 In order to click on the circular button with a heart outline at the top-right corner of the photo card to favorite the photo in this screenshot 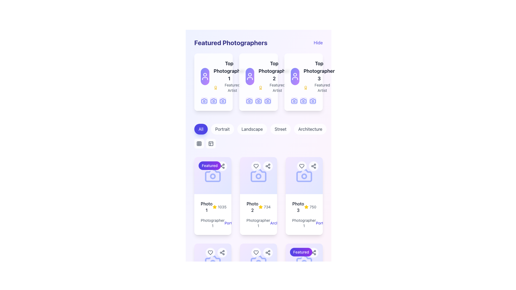, I will do `click(210, 253)`.